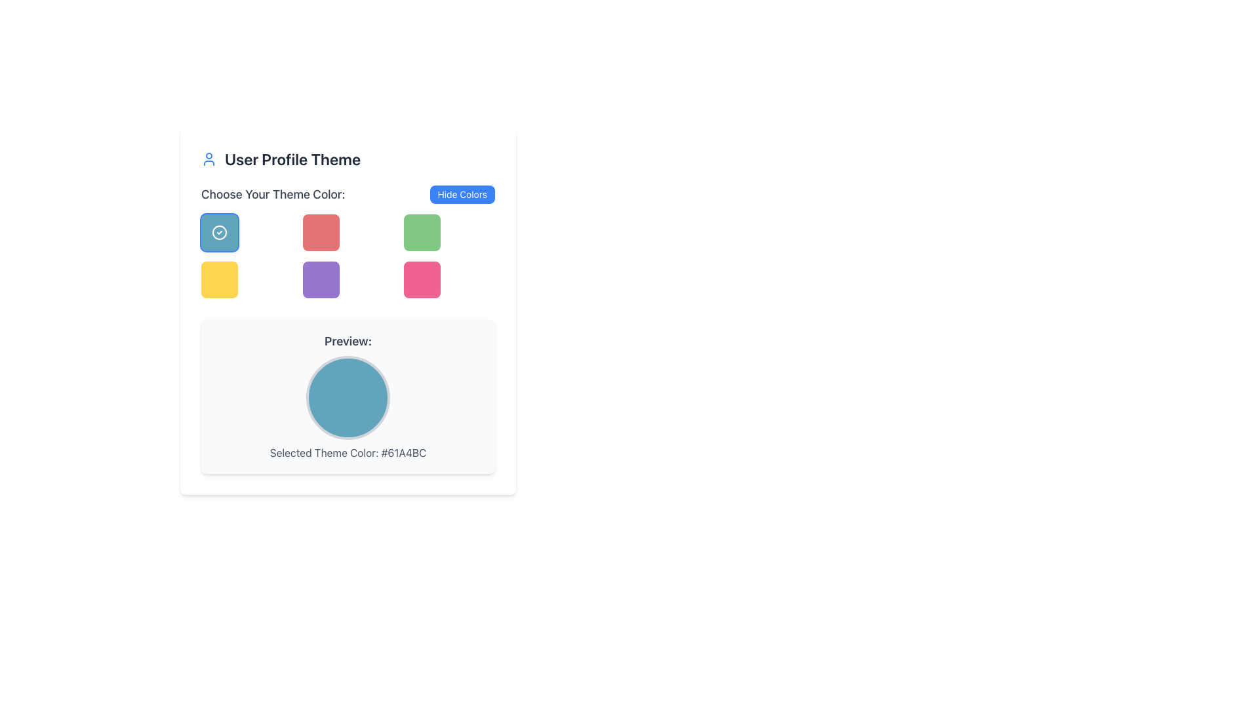  I want to click on the square button with rounded corners and a purple background, located as the second box in the third row of a nine-item grid, so click(321, 279).